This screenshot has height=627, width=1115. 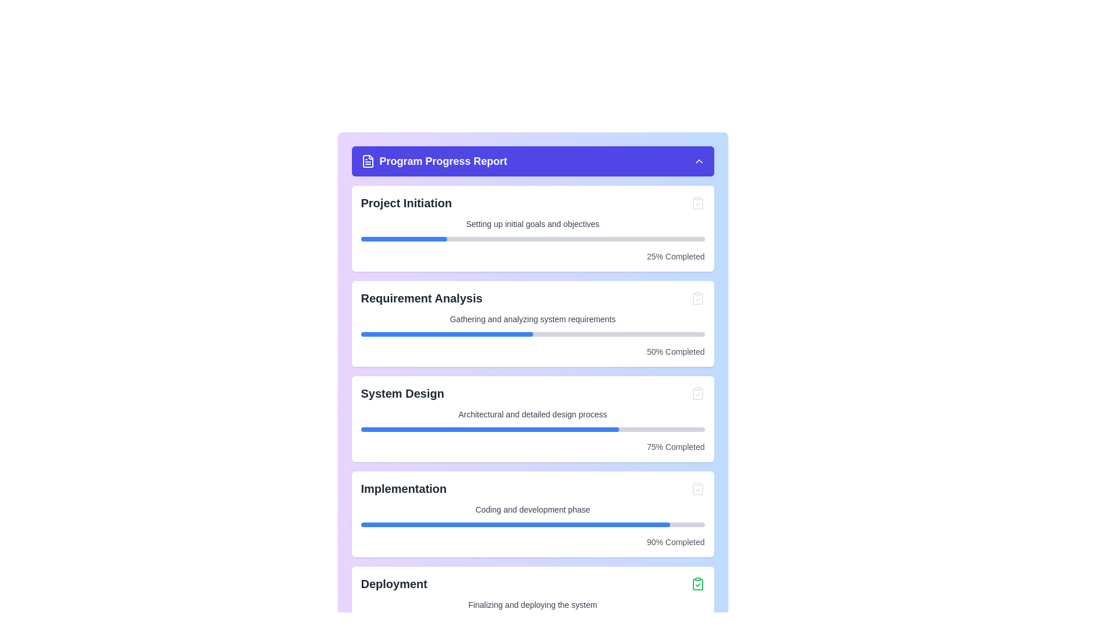 What do you see at coordinates (532, 239) in the screenshot?
I see `the progress bar representing the completion percentage for the 'Project Initiation' task, located below the 'Setting up initial goals and objectives' text` at bounding box center [532, 239].